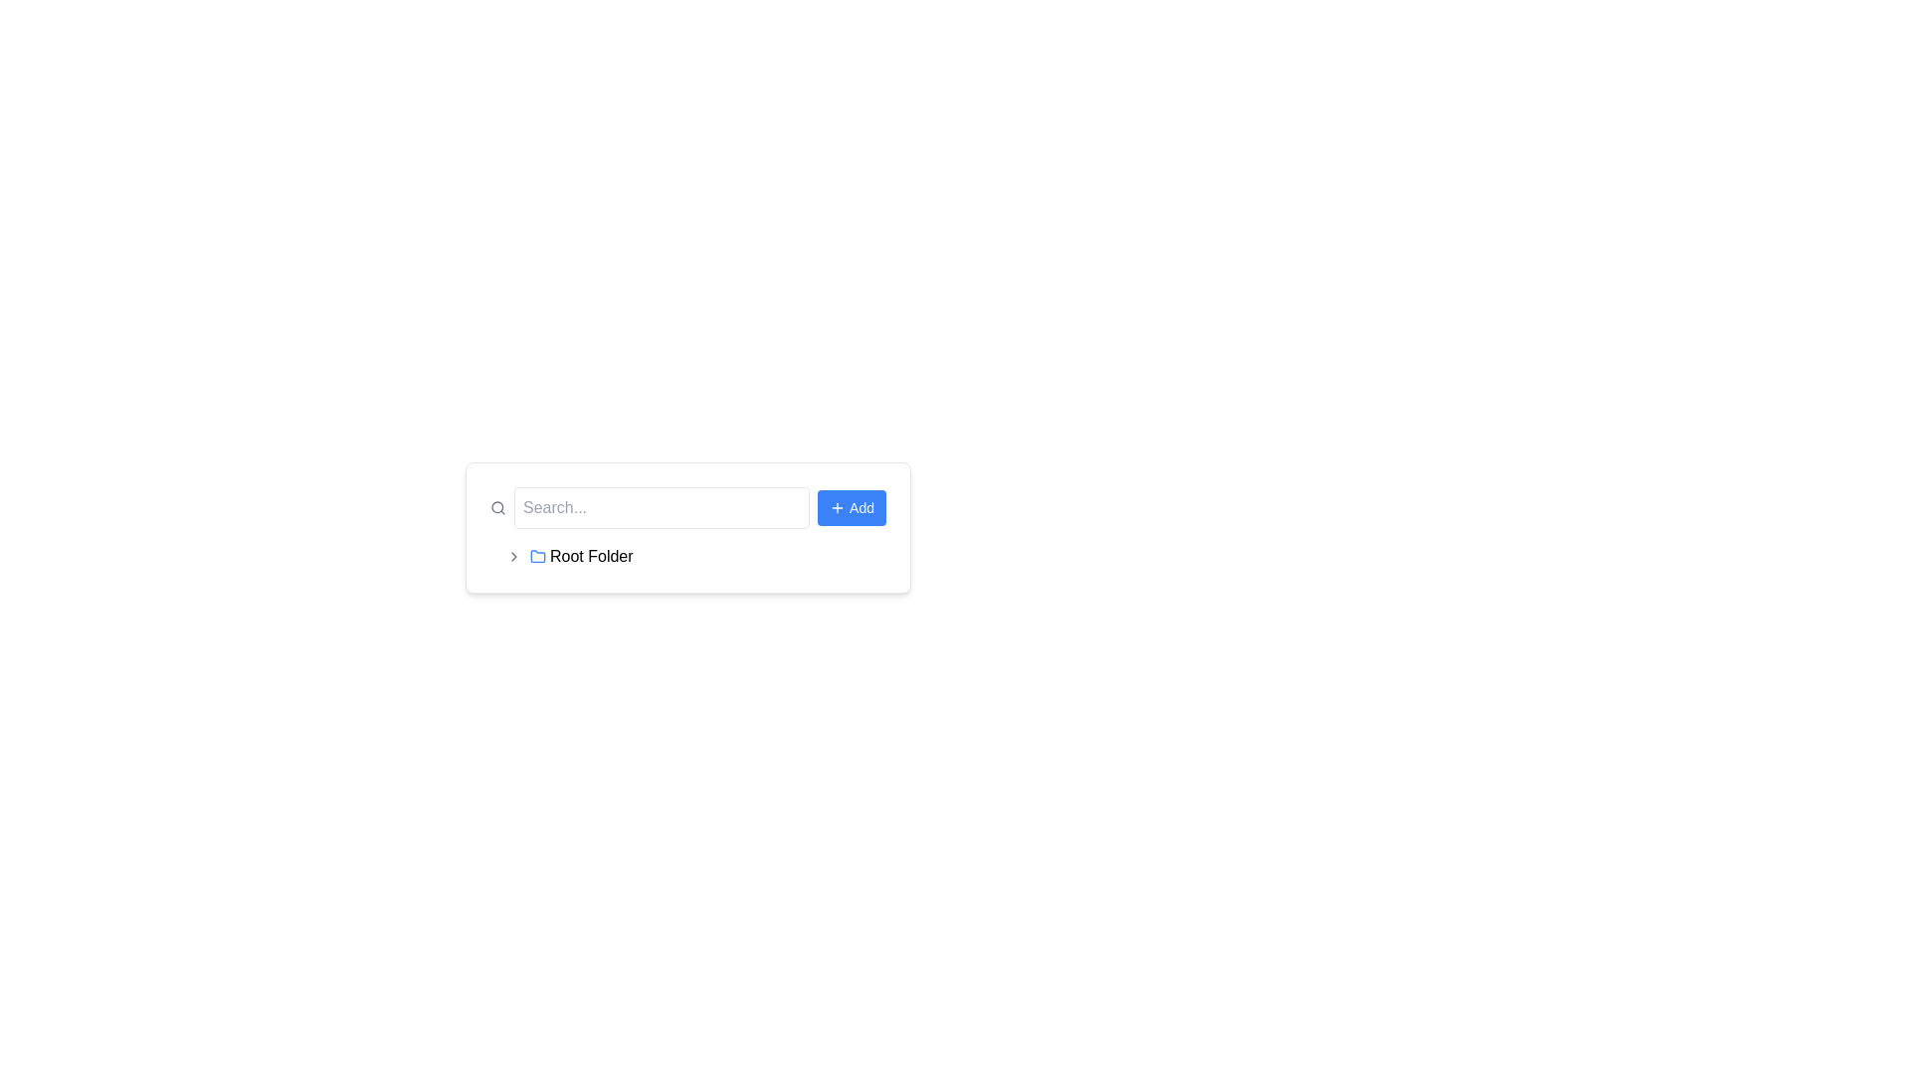  Describe the element at coordinates (497, 506) in the screenshot. I see `the search icon located to the left of the search input field, which visually indicates the search feature` at that location.